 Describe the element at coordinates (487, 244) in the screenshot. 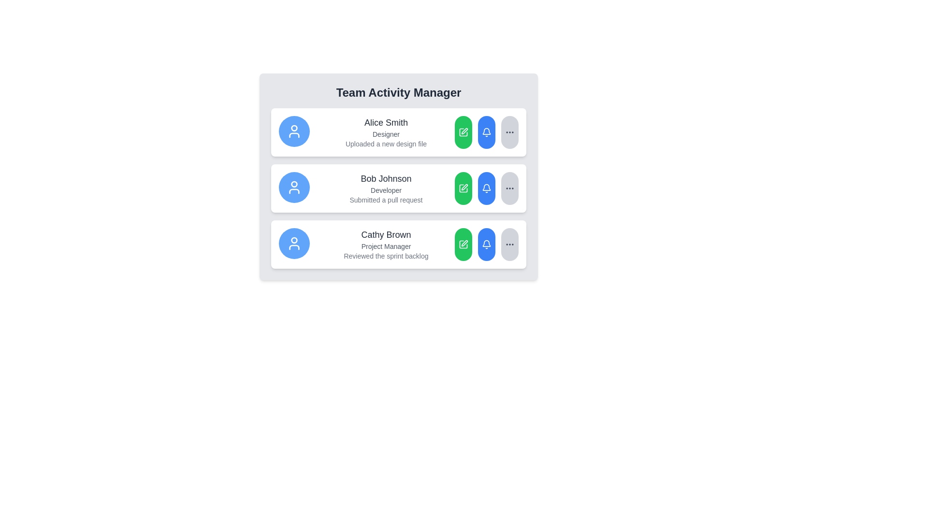

I see `the blue circular button with a white bell icon for keyboard navigation` at that location.